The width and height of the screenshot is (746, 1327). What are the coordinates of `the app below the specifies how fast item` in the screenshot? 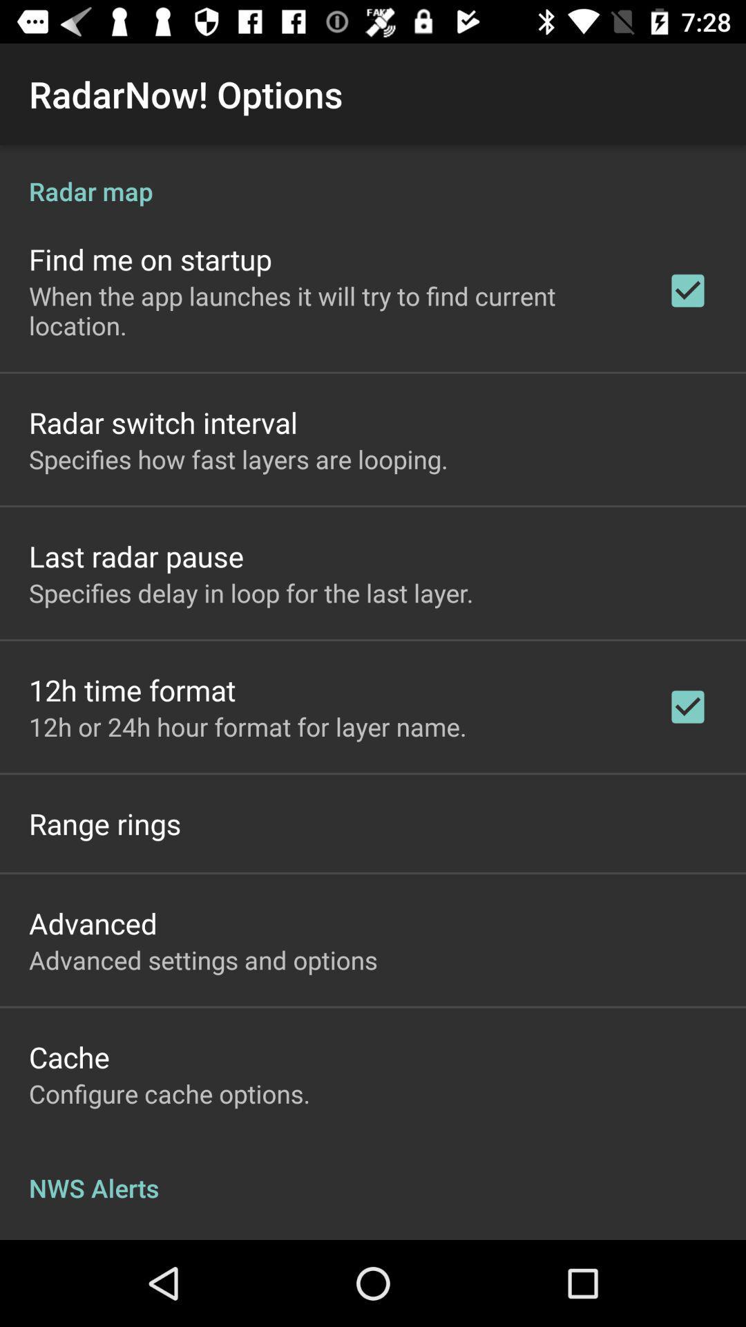 It's located at (136, 556).